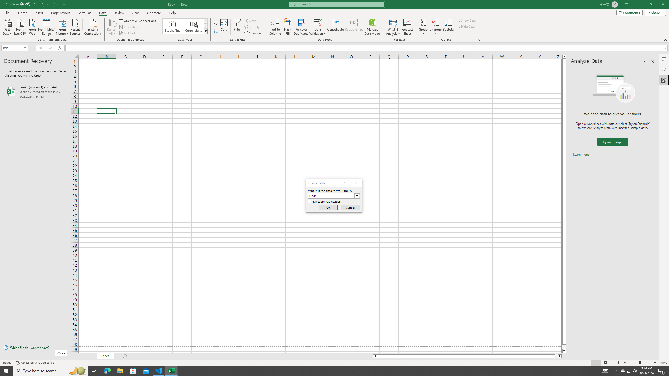  What do you see at coordinates (35, 4) in the screenshot?
I see `'Quick Access Toolbar'` at bounding box center [35, 4].